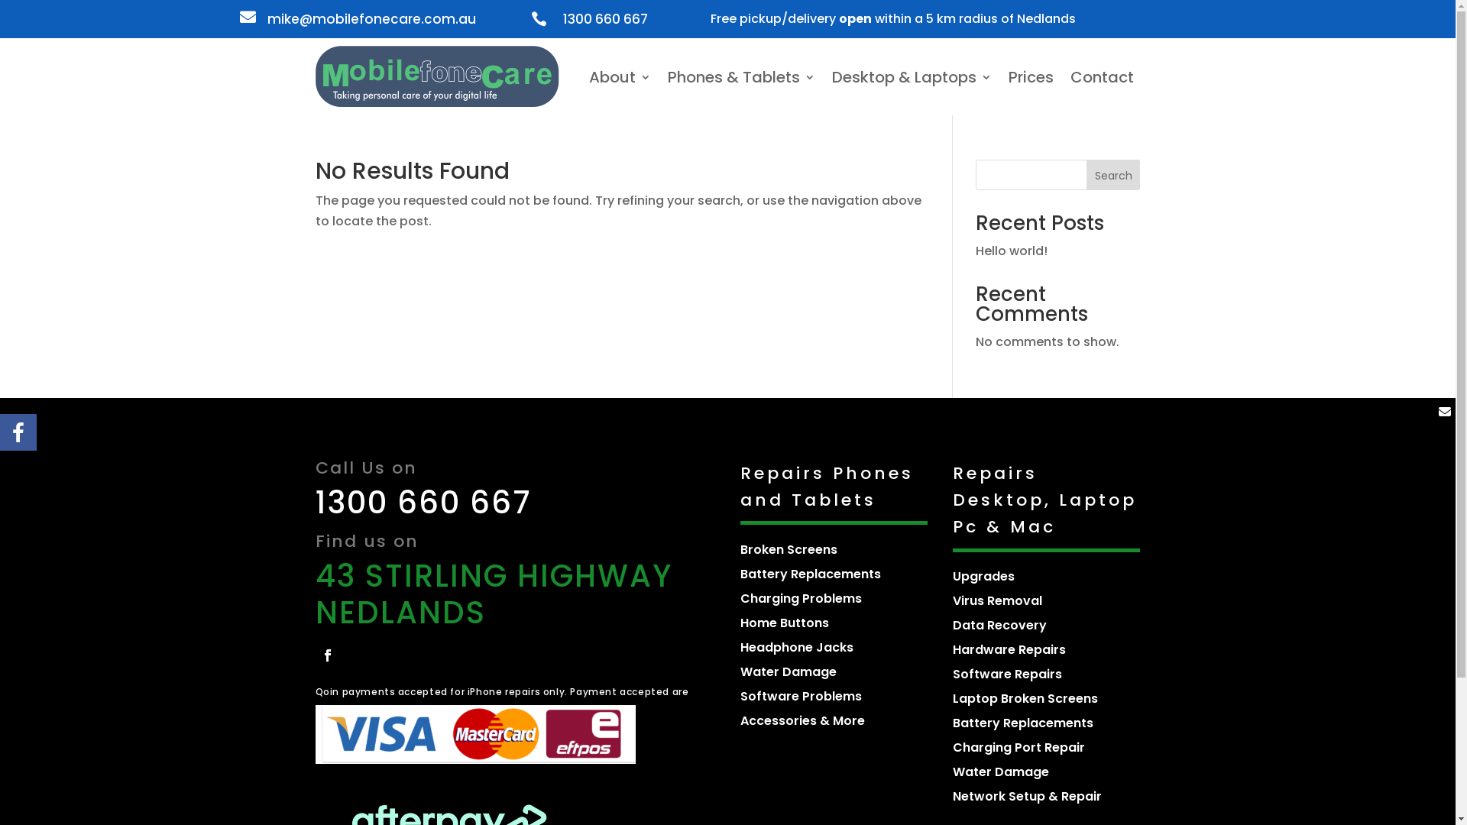 The image size is (1467, 825). What do you see at coordinates (741, 76) in the screenshot?
I see `'Phones & Tablets'` at bounding box center [741, 76].